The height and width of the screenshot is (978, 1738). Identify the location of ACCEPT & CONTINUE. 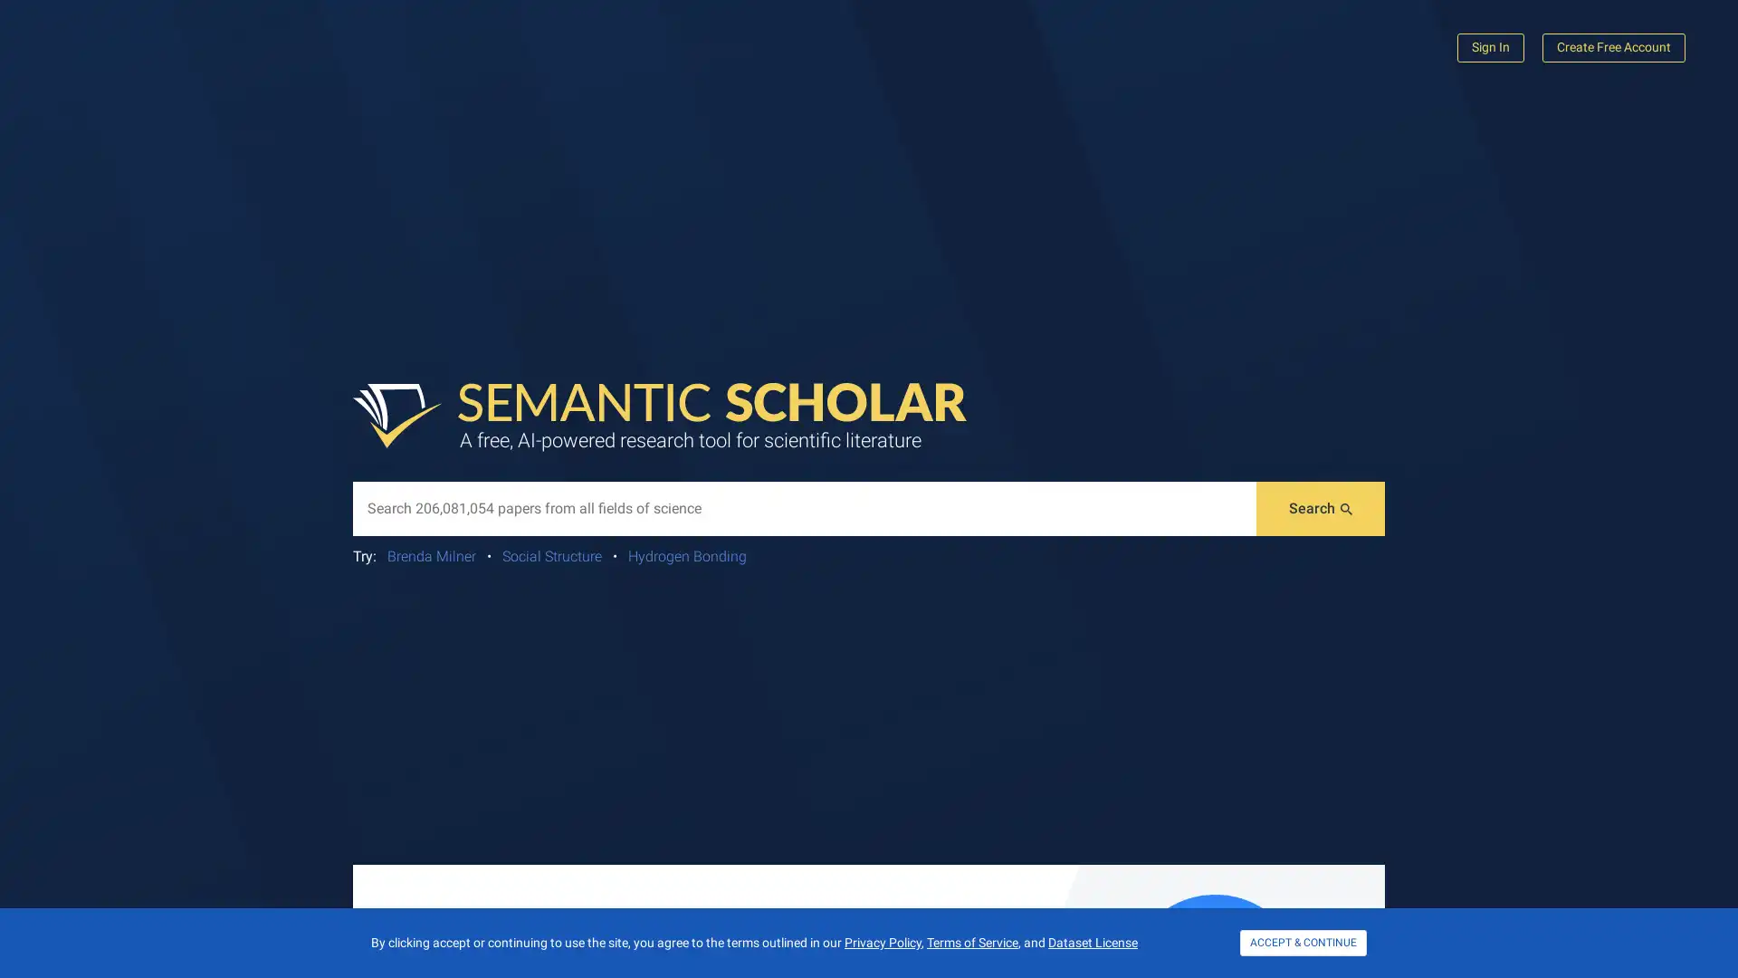
(1303, 942).